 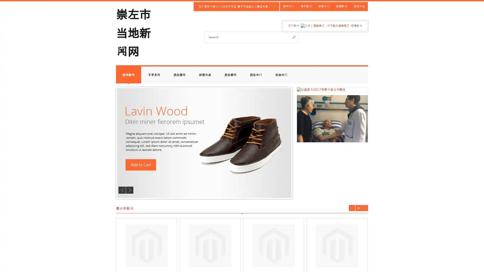 I want to click on Search, so click(x=294, y=37).